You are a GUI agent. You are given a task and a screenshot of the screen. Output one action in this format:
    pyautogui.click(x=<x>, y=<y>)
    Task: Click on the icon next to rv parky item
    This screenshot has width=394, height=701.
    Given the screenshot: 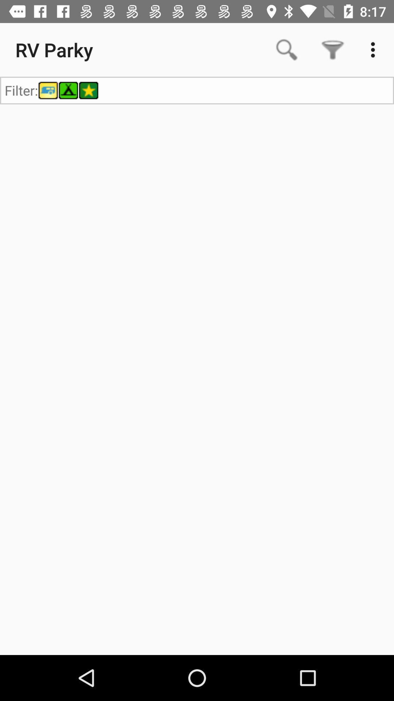 What is the action you would take?
    pyautogui.click(x=286, y=49)
    